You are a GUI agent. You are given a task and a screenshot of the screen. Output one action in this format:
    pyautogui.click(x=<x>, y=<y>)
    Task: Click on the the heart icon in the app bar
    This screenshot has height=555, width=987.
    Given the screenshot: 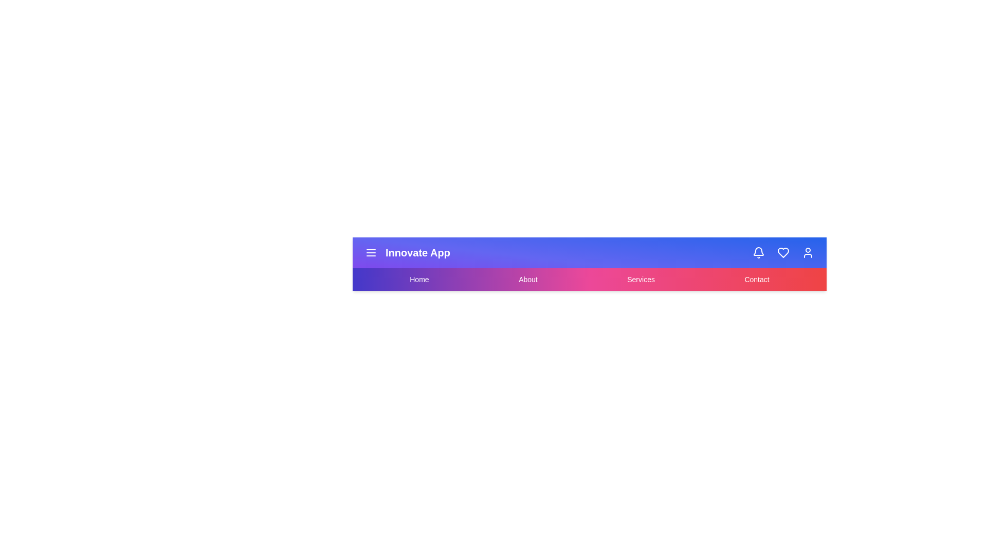 What is the action you would take?
    pyautogui.click(x=782, y=253)
    